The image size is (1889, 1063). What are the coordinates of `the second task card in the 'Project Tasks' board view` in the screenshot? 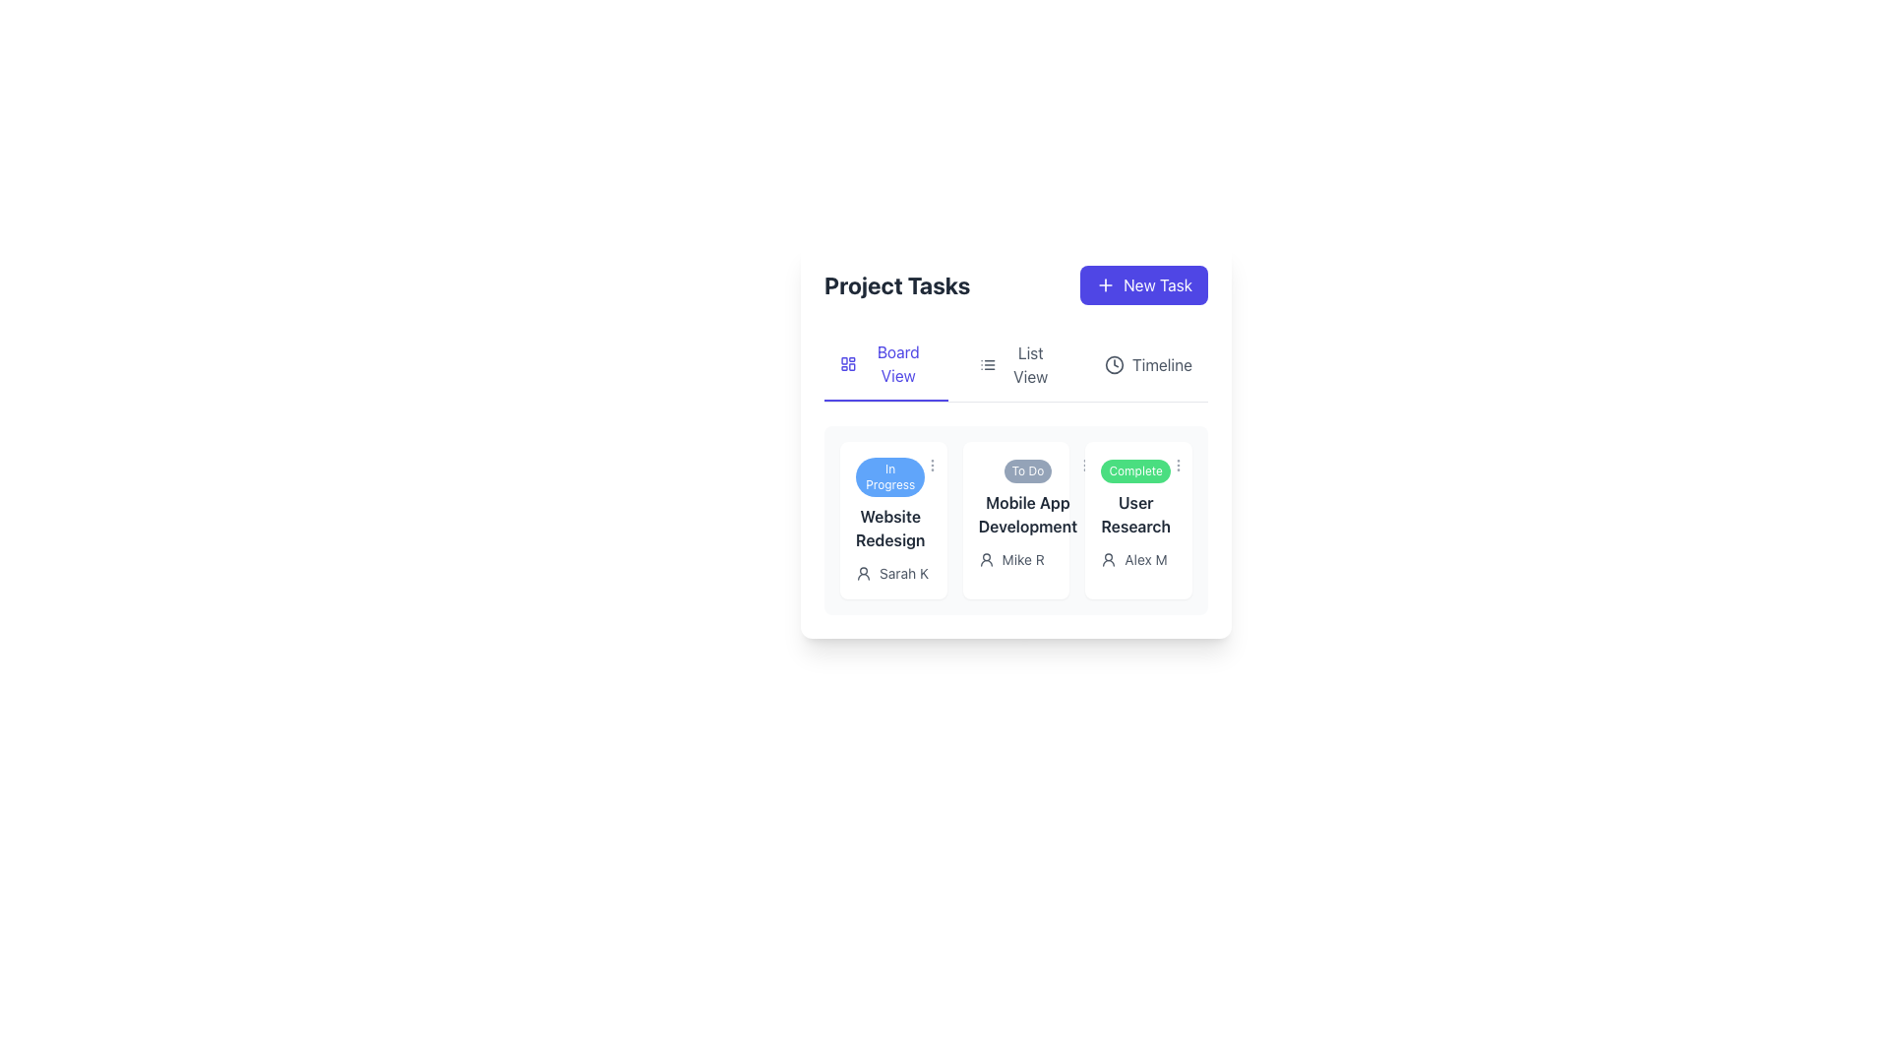 It's located at (1015, 519).